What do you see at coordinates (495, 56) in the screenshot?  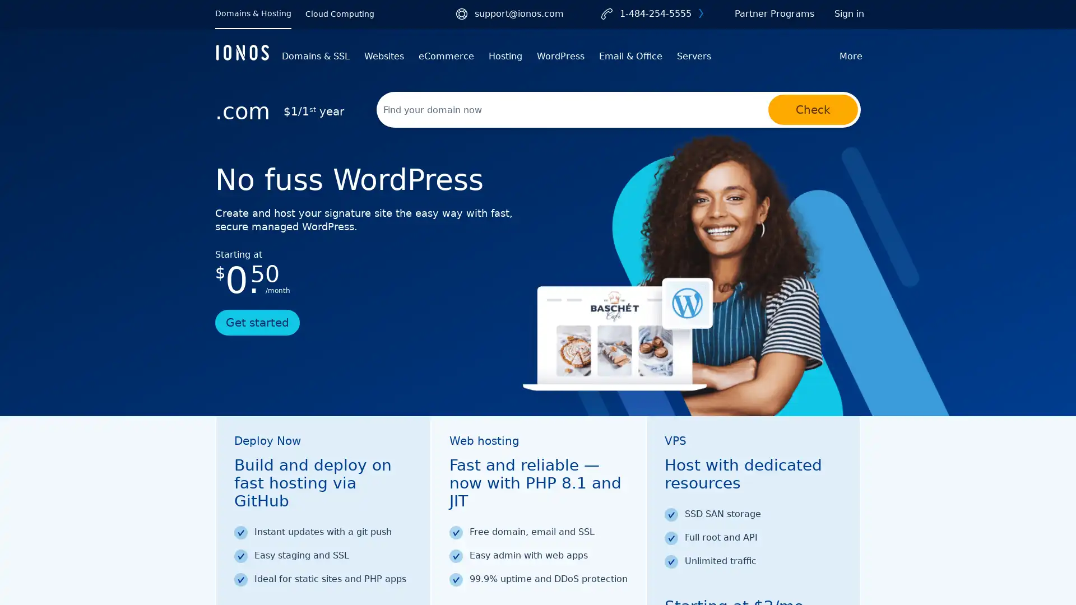 I see `Hosting` at bounding box center [495, 56].